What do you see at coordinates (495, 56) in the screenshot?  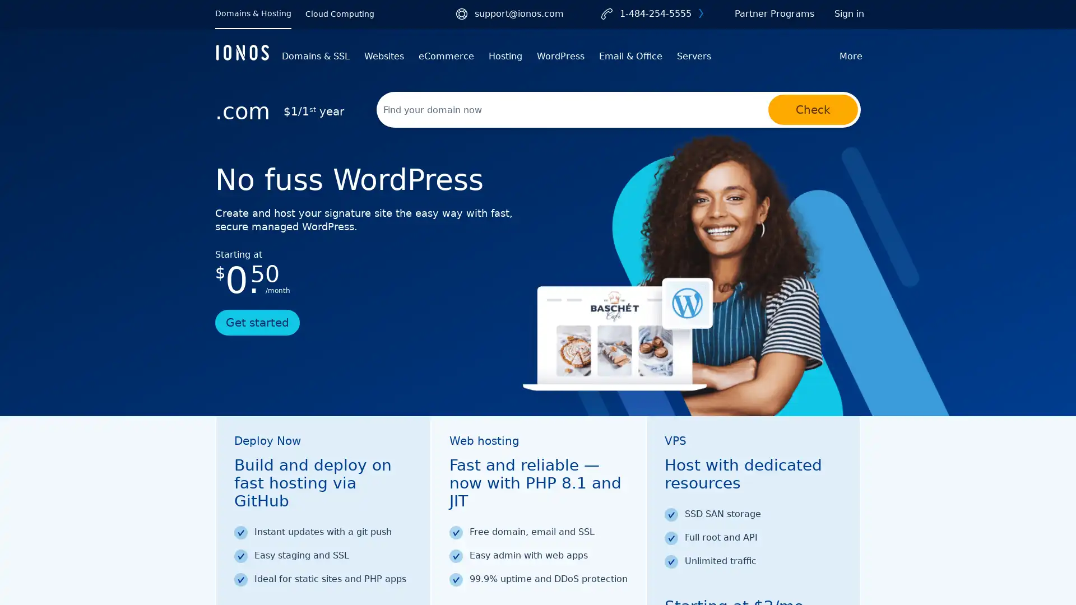 I see `Hosting` at bounding box center [495, 56].